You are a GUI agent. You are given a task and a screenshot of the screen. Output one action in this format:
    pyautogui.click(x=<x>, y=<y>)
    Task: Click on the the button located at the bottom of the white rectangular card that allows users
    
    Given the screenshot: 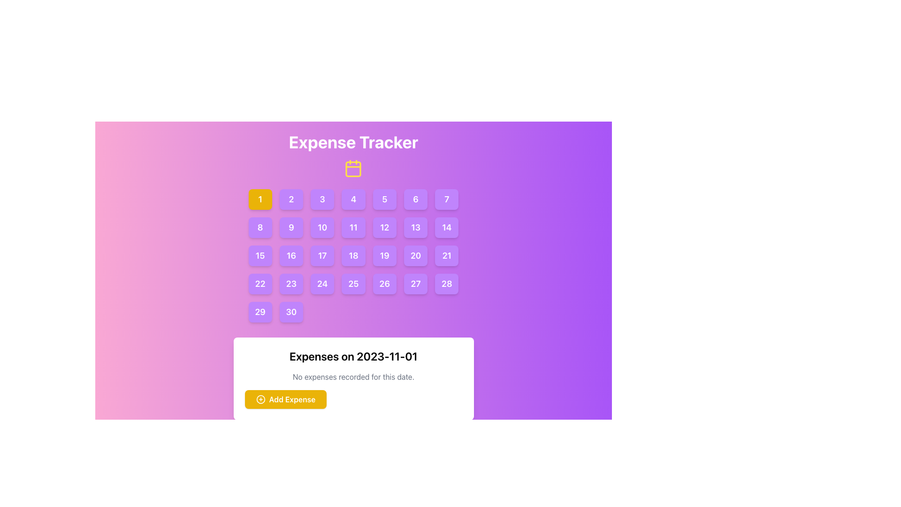 What is the action you would take?
    pyautogui.click(x=285, y=399)
    